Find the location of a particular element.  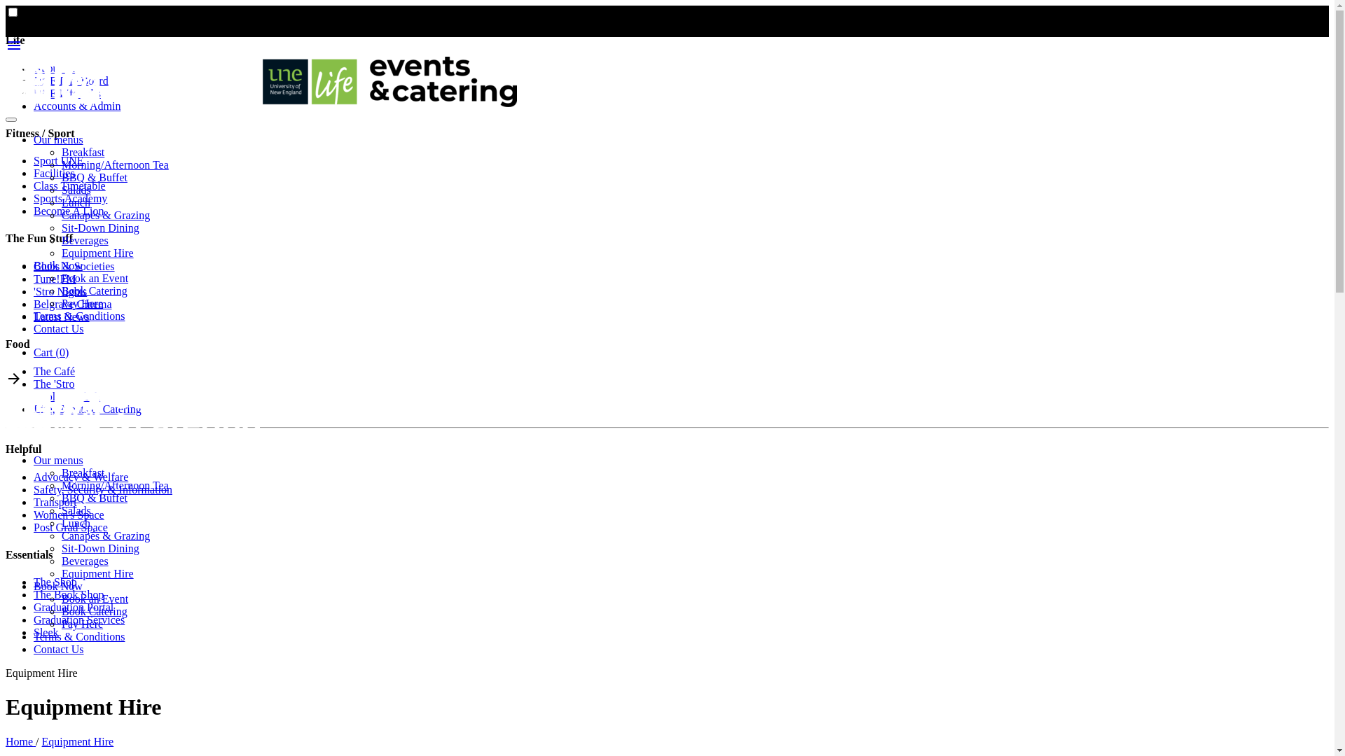

'Book Catering' is located at coordinates (60, 610).